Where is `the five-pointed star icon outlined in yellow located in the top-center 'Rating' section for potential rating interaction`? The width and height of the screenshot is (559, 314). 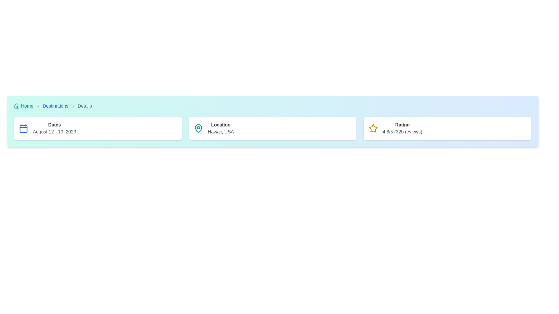
the five-pointed star icon outlined in yellow located in the top-center 'Rating' section for potential rating interaction is located at coordinates (373, 128).